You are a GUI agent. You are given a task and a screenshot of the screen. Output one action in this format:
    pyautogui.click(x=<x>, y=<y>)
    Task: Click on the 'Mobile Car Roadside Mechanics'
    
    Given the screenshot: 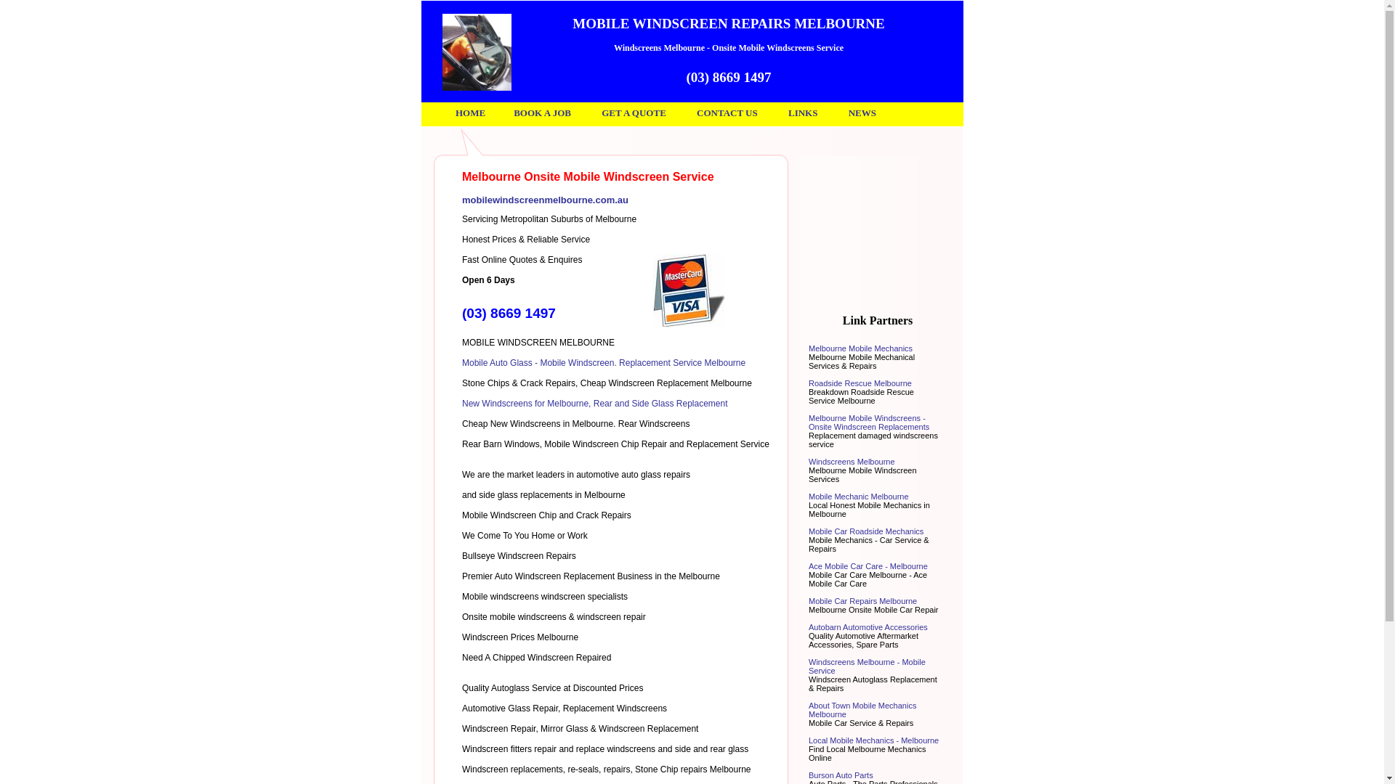 What is the action you would take?
    pyautogui.click(x=808, y=531)
    